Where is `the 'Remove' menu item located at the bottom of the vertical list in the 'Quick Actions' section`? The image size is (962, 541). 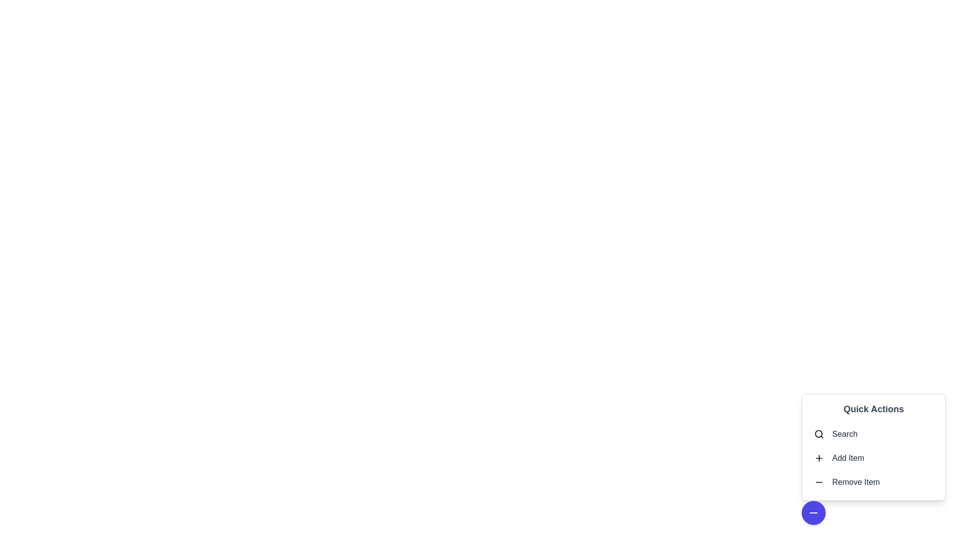 the 'Remove' menu item located at the bottom of the vertical list in the 'Quick Actions' section is located at coordinates (873, 482).